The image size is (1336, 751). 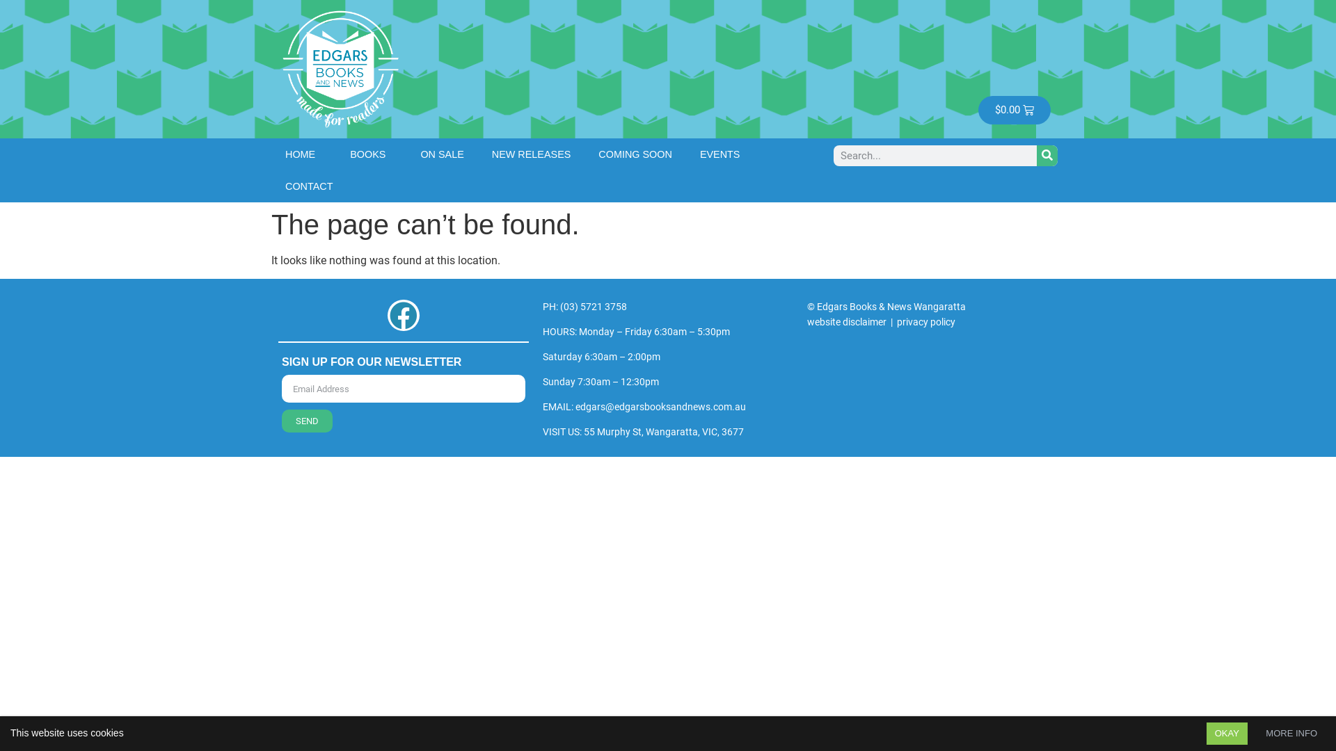 What do you see at coordinates (925, 321) in the screenshot?
I see `'privacy policy'` at bounding box center [925, 321].